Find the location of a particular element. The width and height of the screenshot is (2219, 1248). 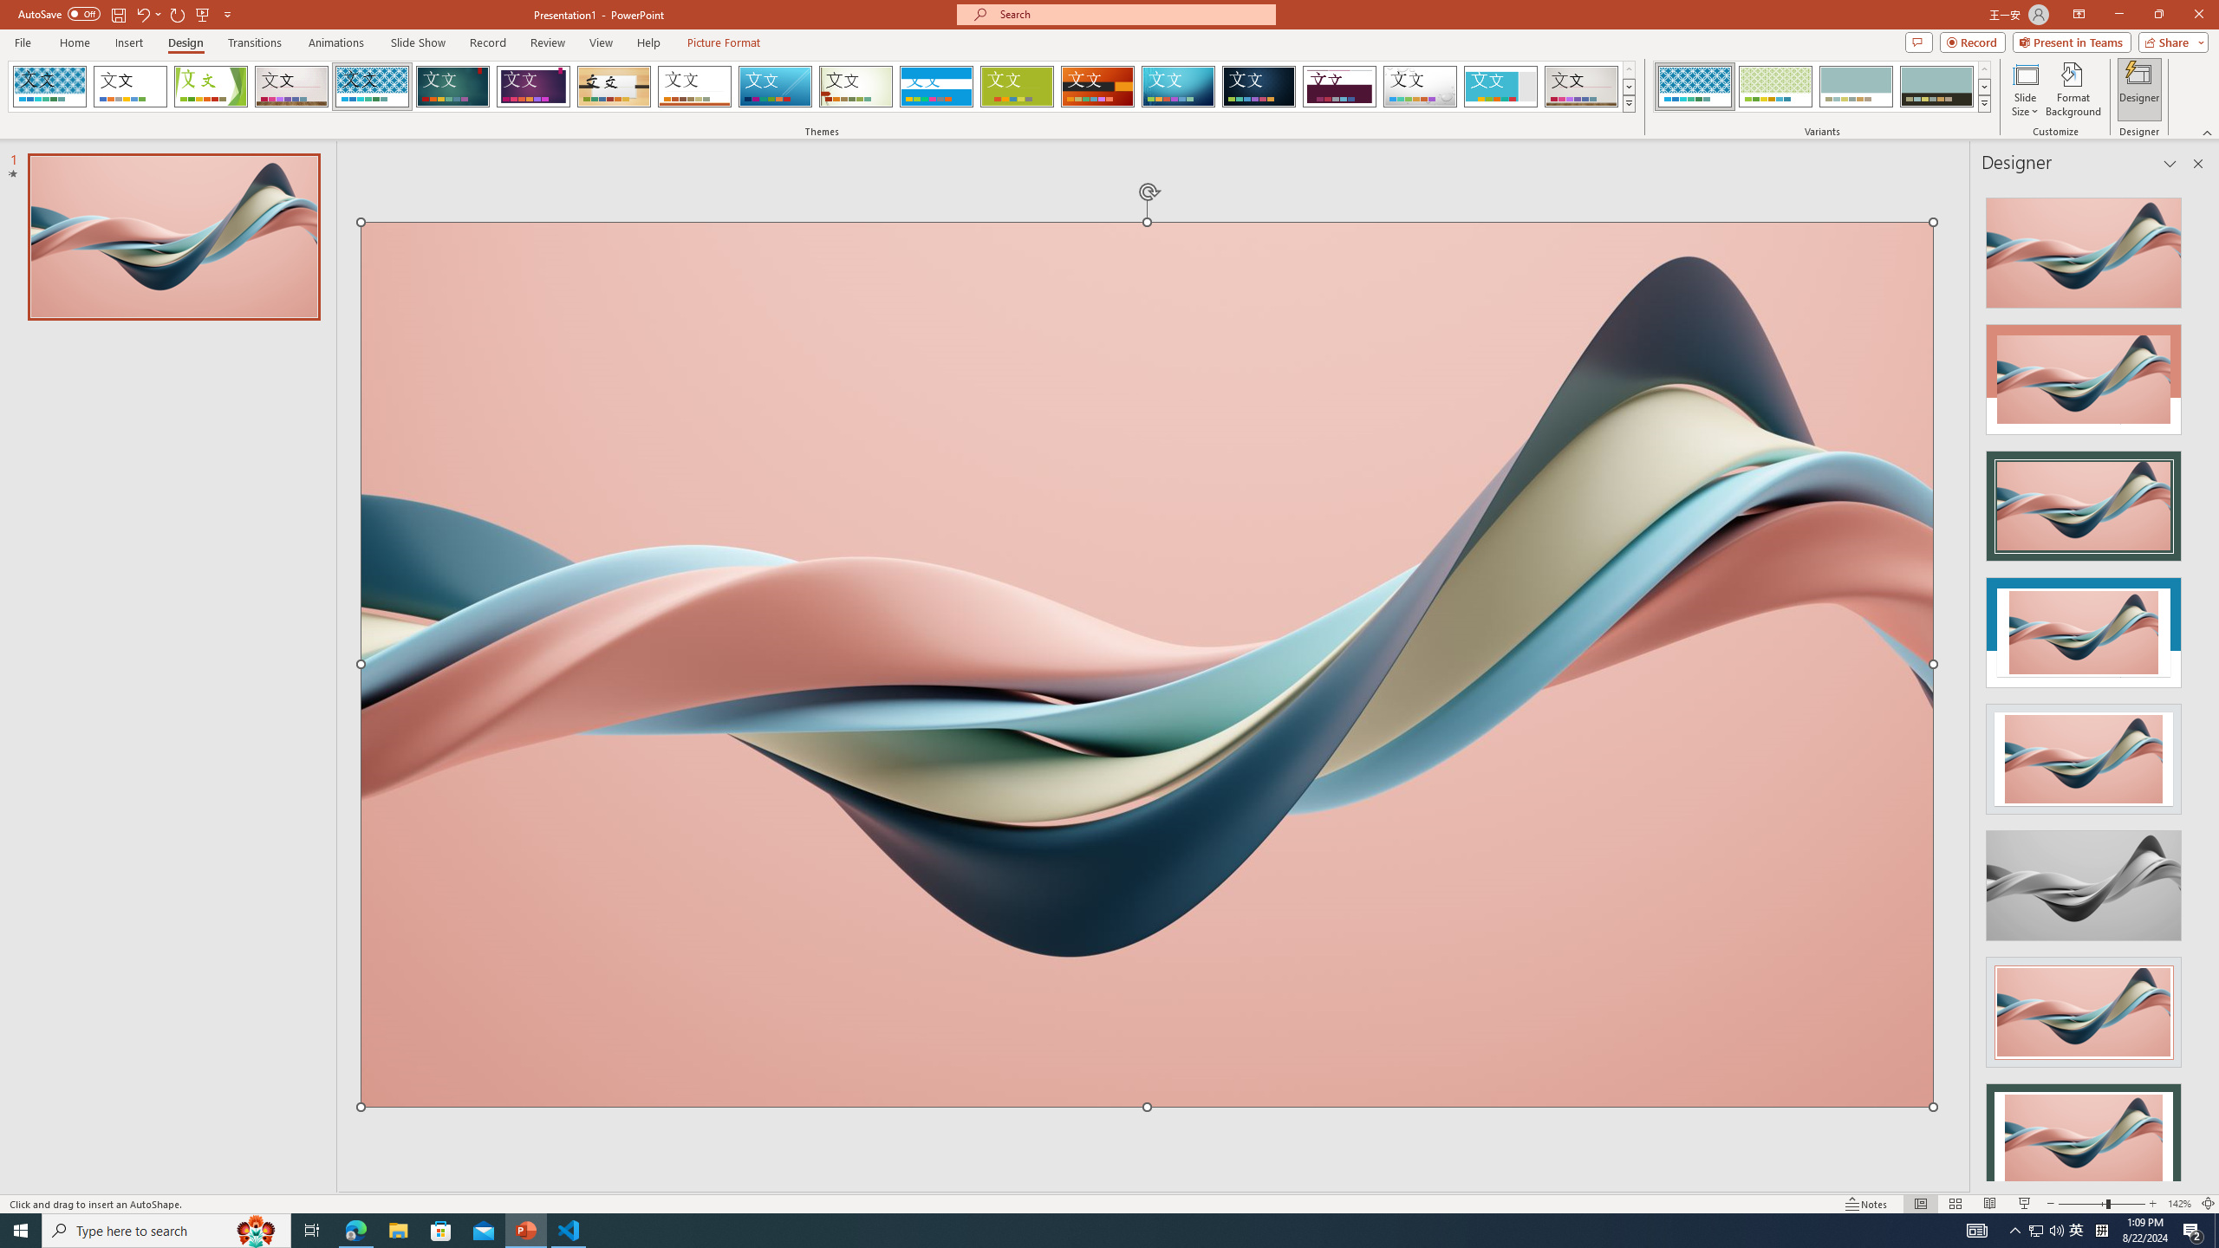

'Office Theme' is located at coordinates (130, 86).